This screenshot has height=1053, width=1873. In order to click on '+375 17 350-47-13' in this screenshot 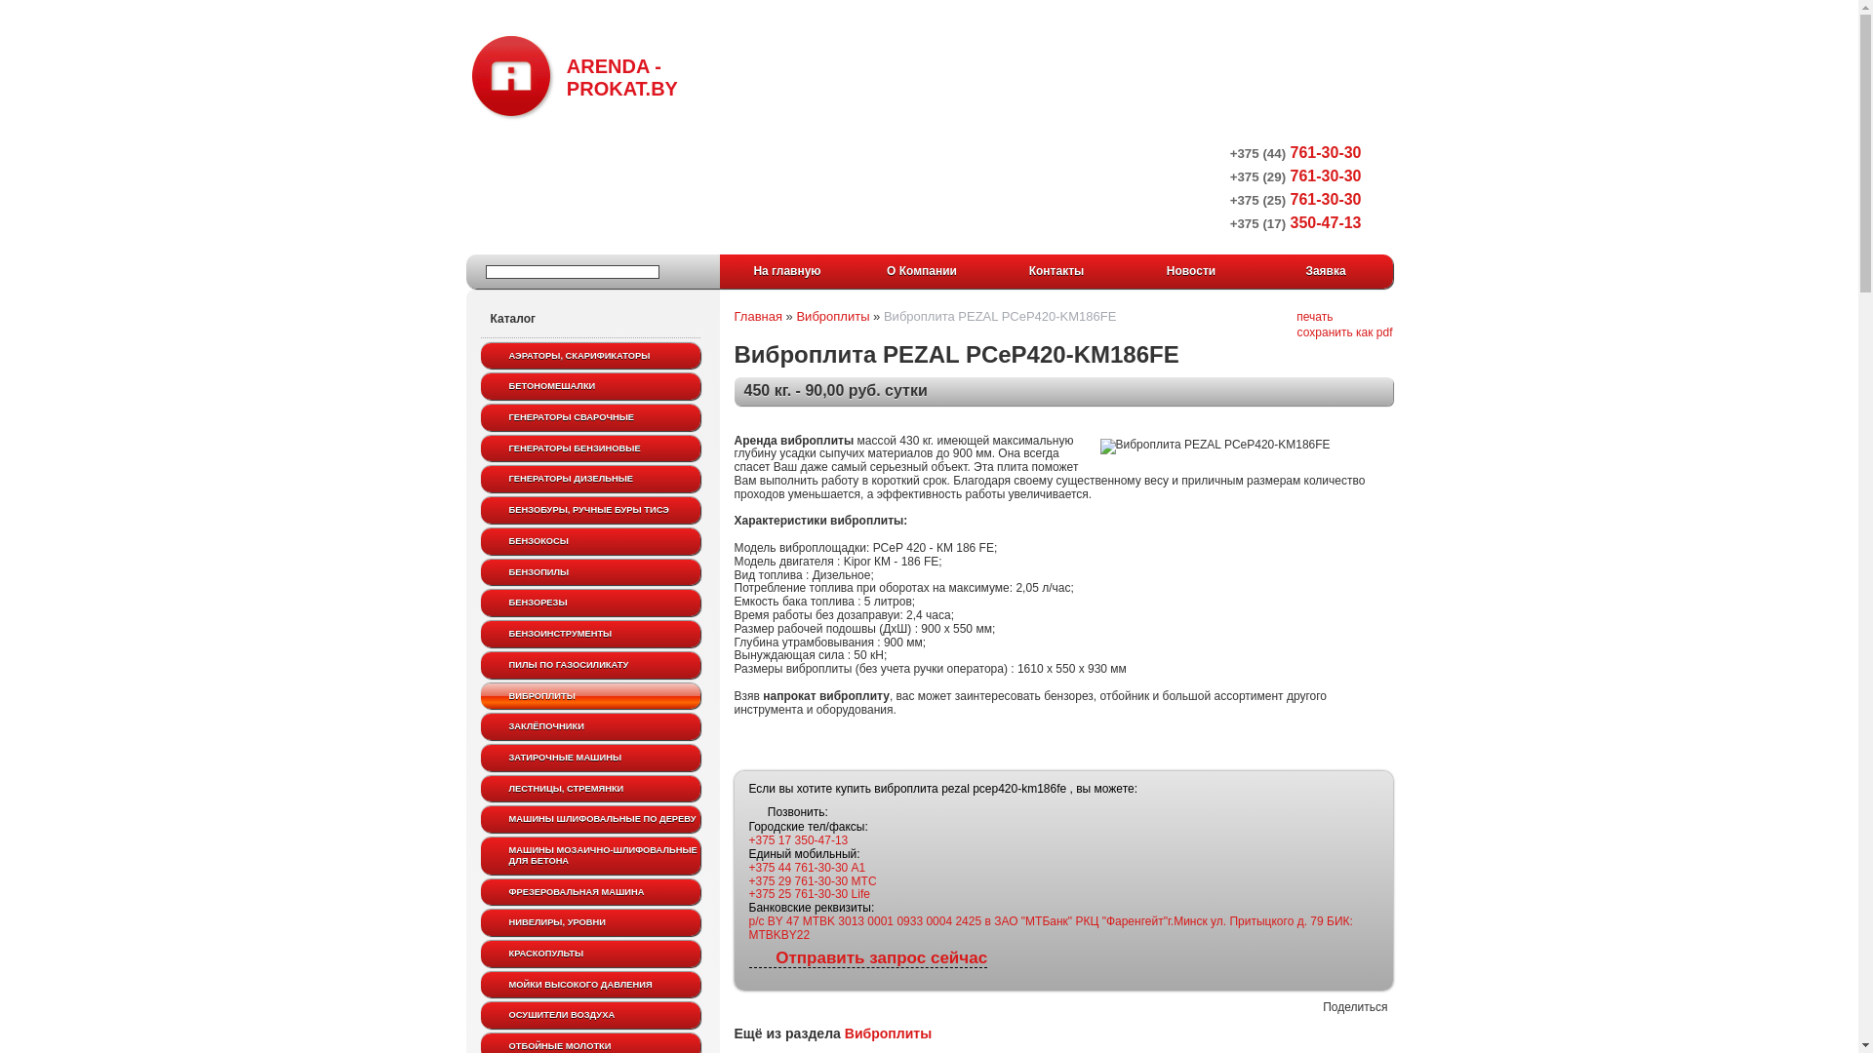, I will do `click(799, 838)`.